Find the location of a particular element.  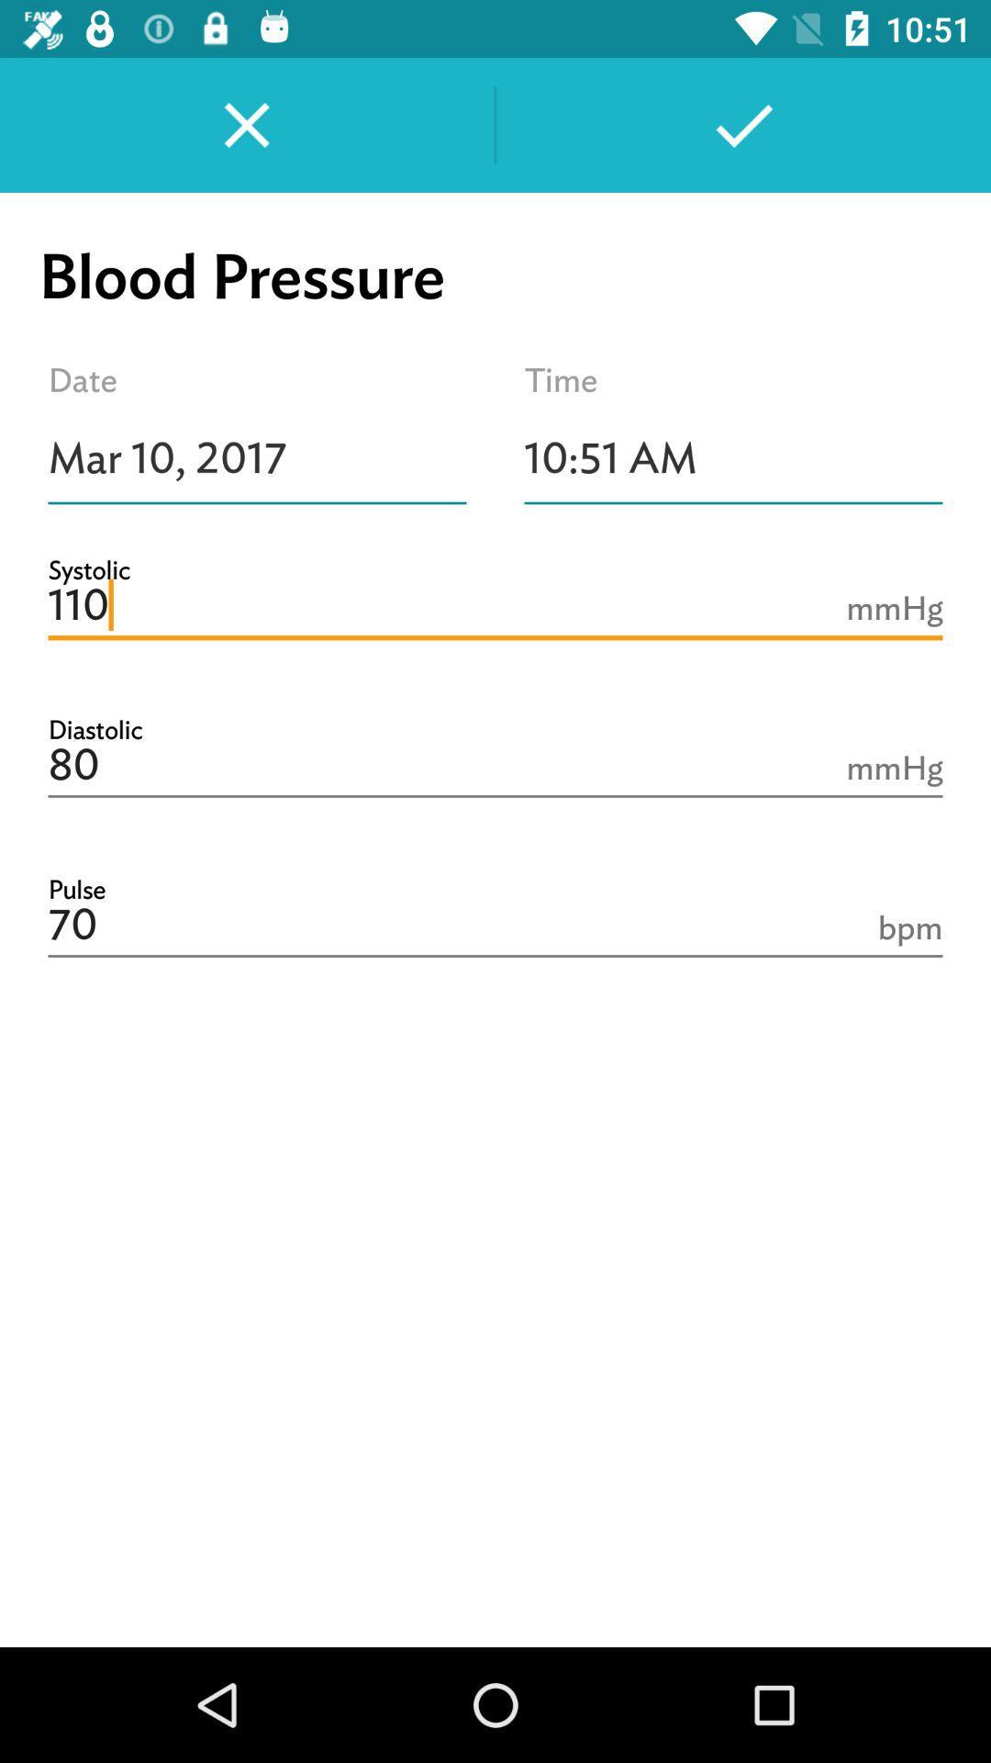

mar 10, 2017 is located at coordinates (257, 458).